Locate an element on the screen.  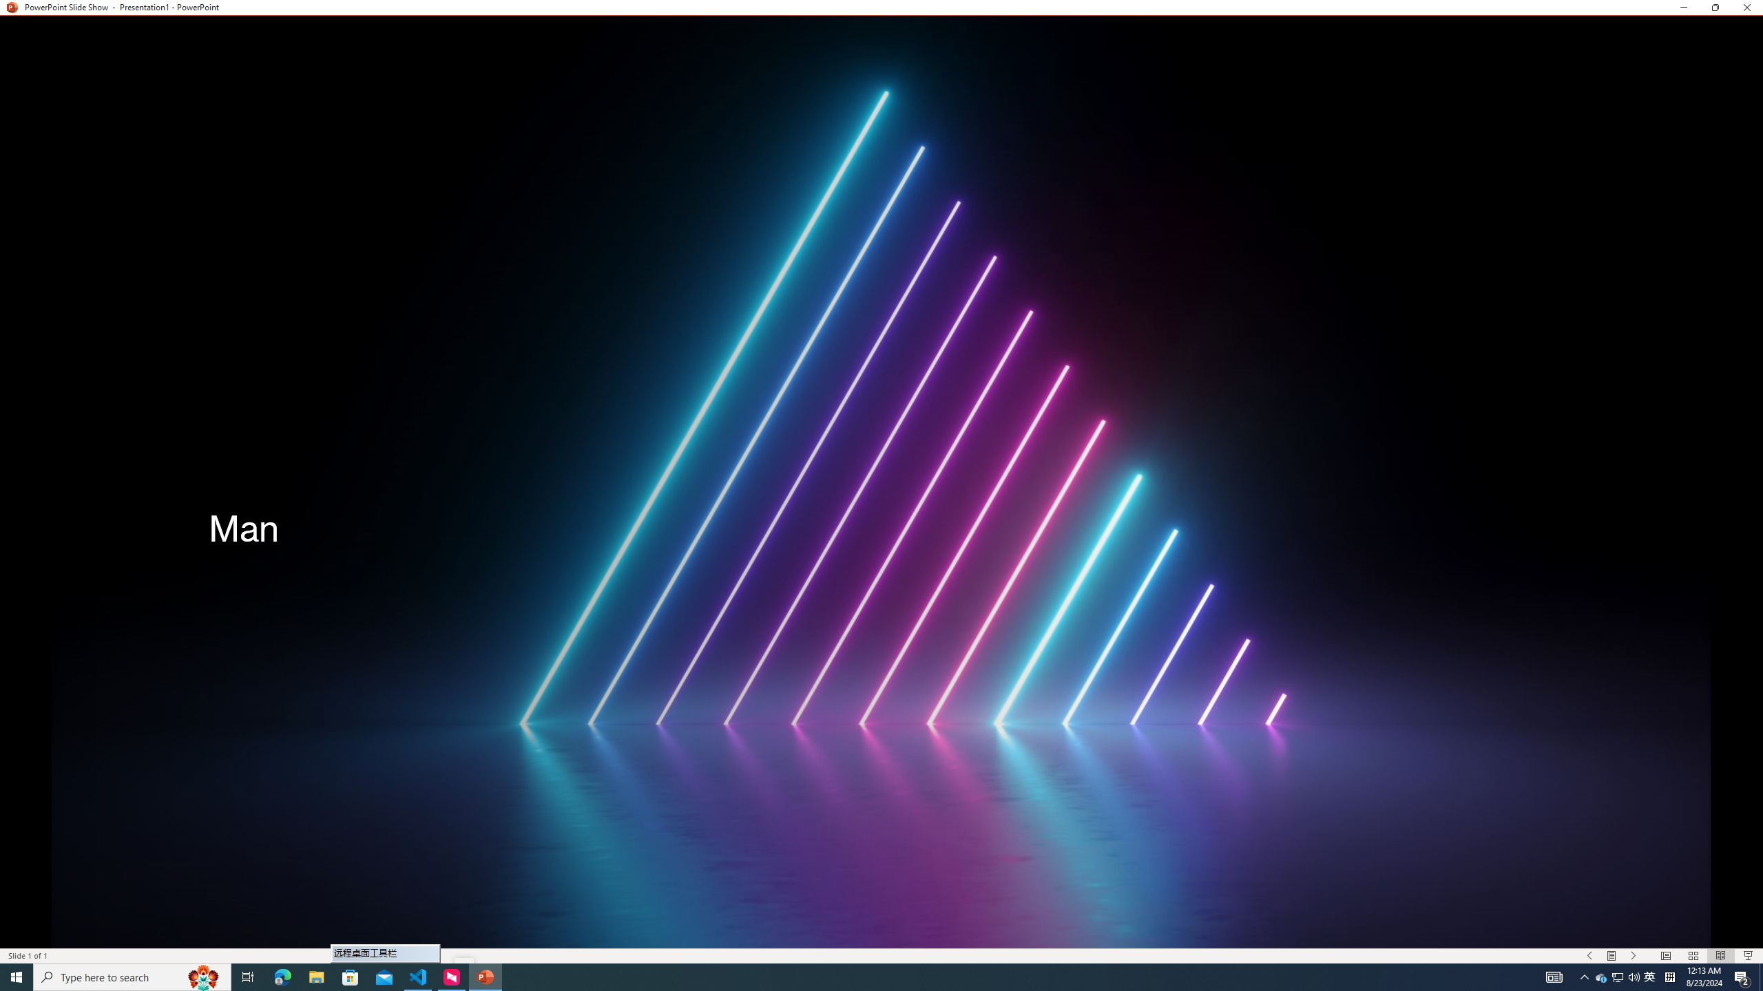
'Menu On' is located at coordinates (1611, 956).